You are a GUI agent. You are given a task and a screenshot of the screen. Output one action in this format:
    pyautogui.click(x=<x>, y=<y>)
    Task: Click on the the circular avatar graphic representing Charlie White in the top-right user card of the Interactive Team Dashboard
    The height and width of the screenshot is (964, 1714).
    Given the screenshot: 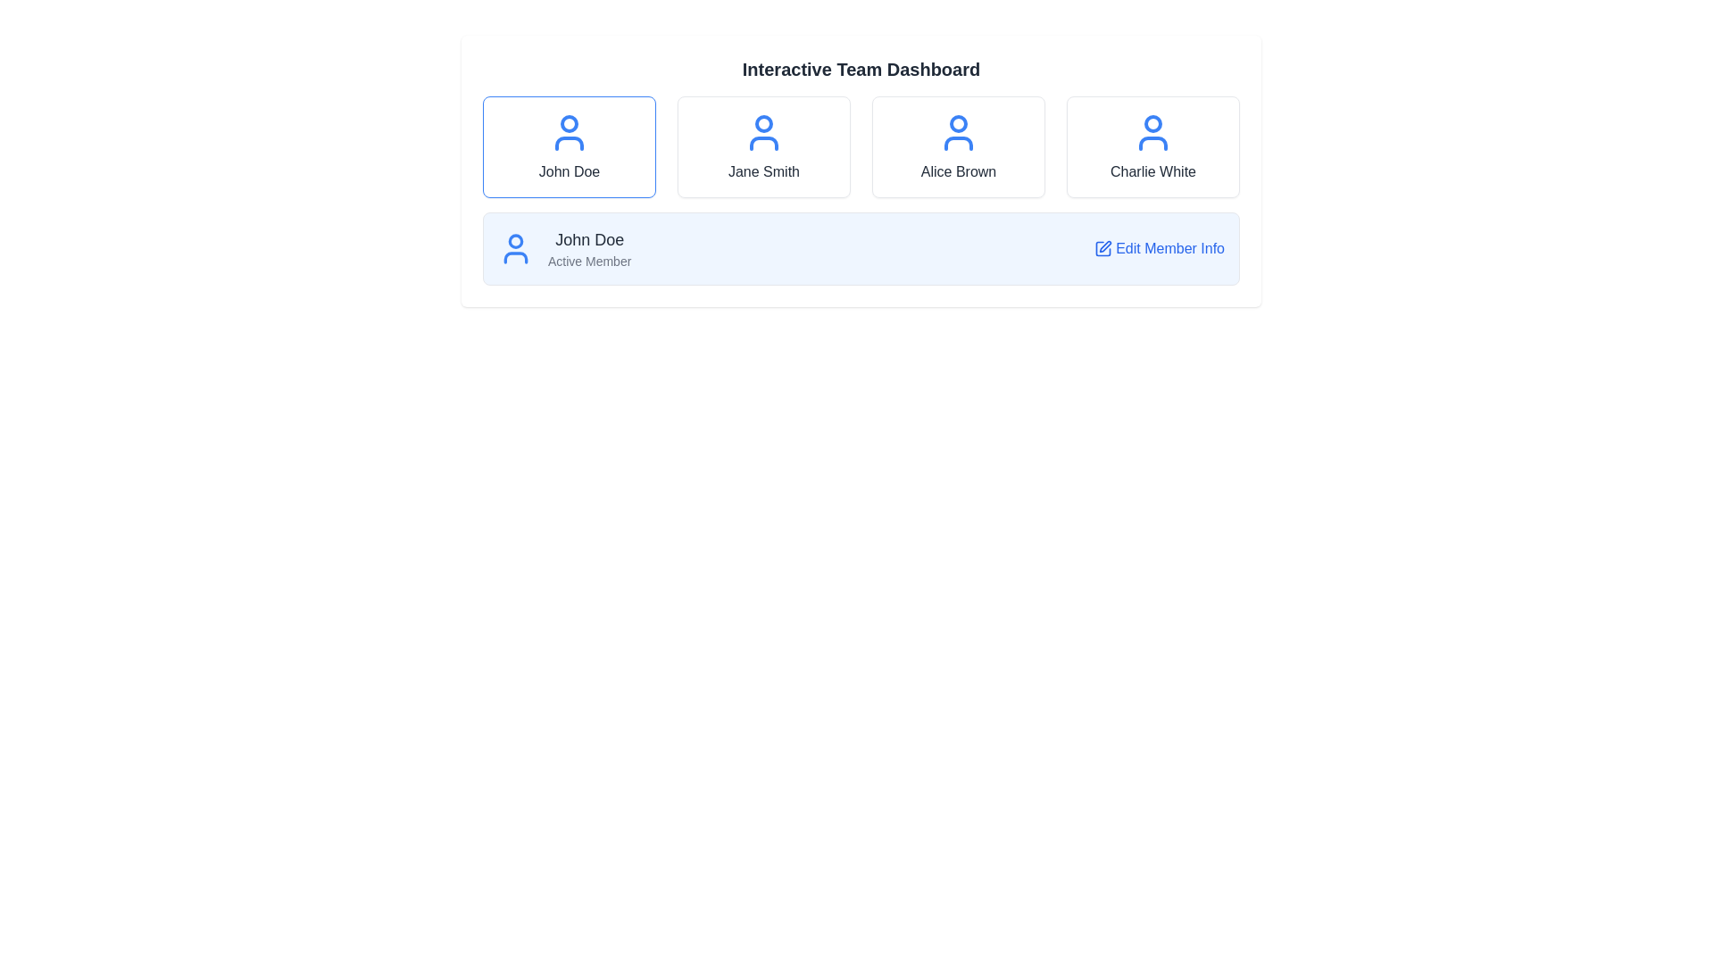 What is the action you would take?
    pyautogui.click(x=1152, y=122)
    